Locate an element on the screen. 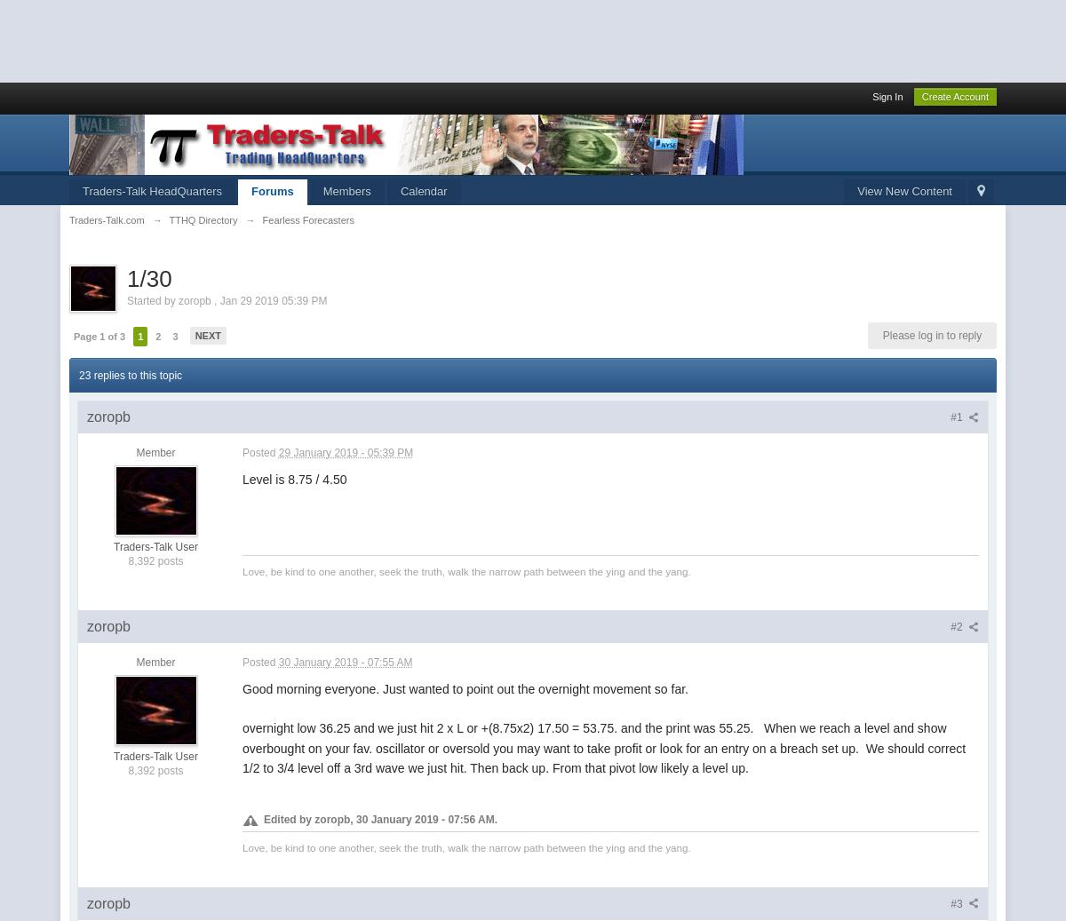 Image resolution: width=1066 pixels, height=921 pixels. '30 January 2019 - 07:55 AM' is located at coordinates (277, 663).